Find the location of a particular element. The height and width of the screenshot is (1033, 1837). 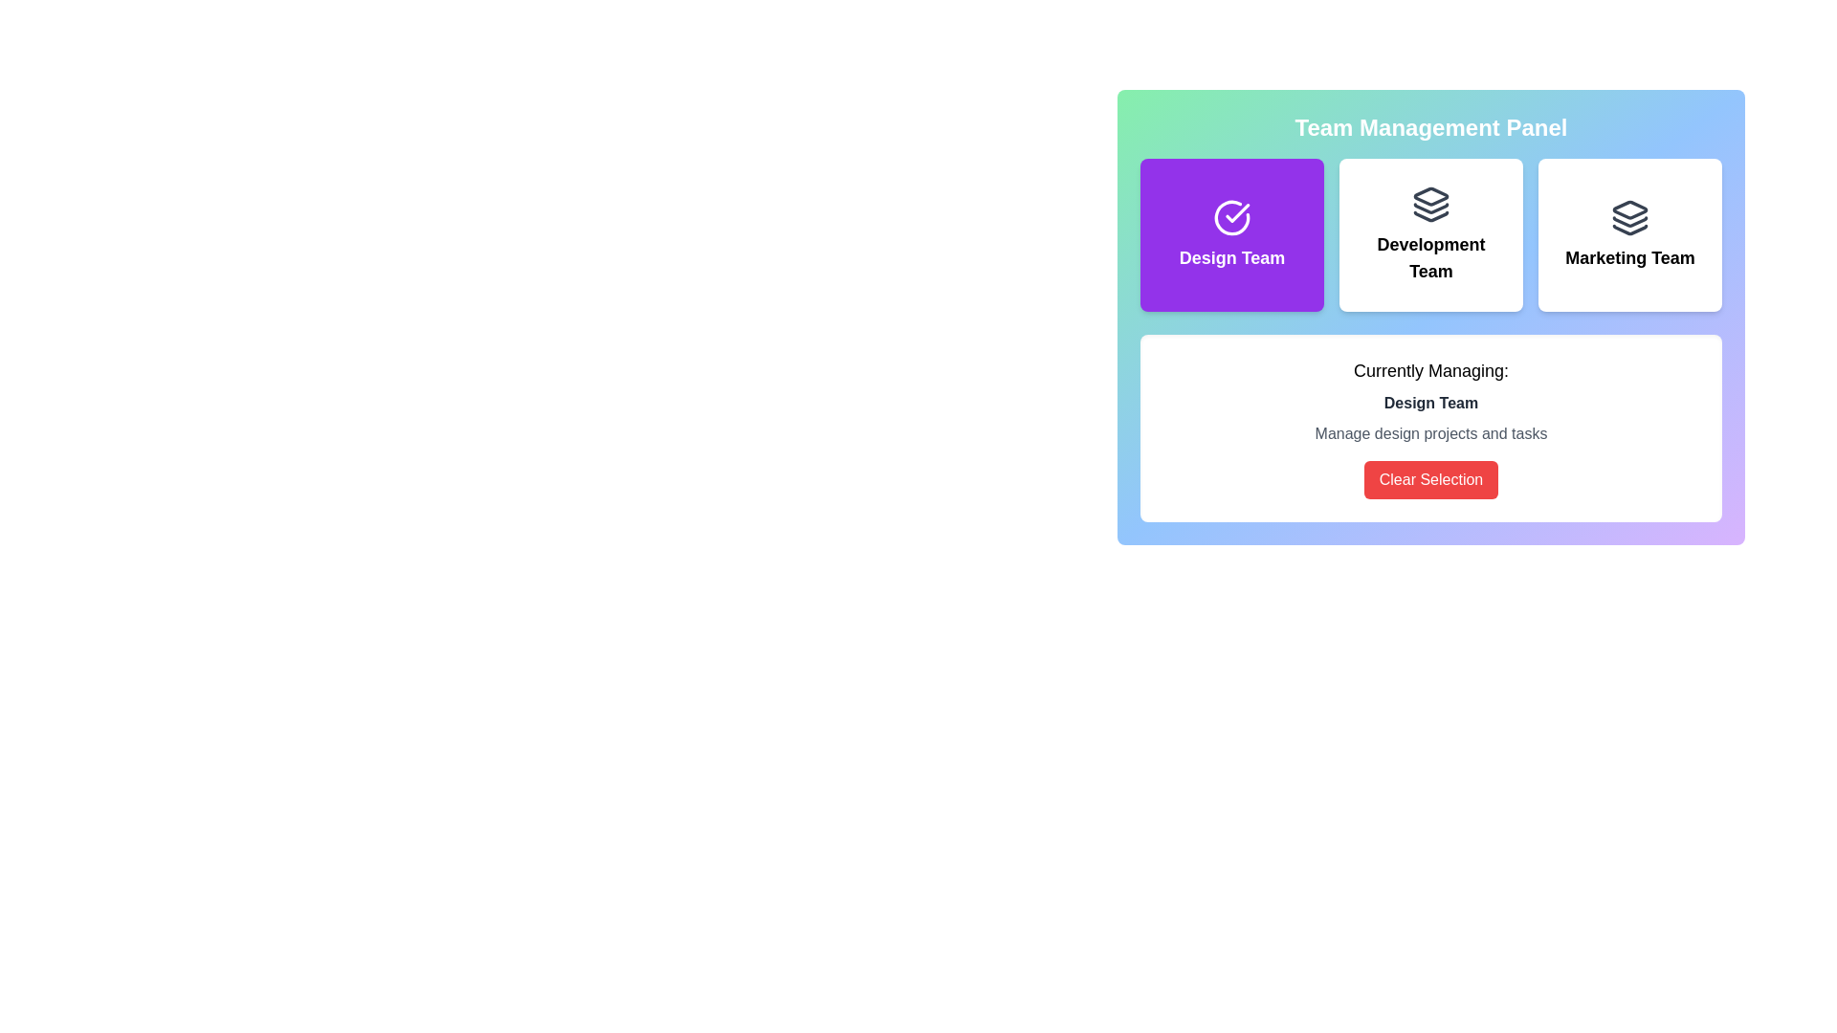

the state of the checkmark icon within a circle, which is part of the 'Design Team' option on the purple rectangular background is located at coordinates (1237, 213).